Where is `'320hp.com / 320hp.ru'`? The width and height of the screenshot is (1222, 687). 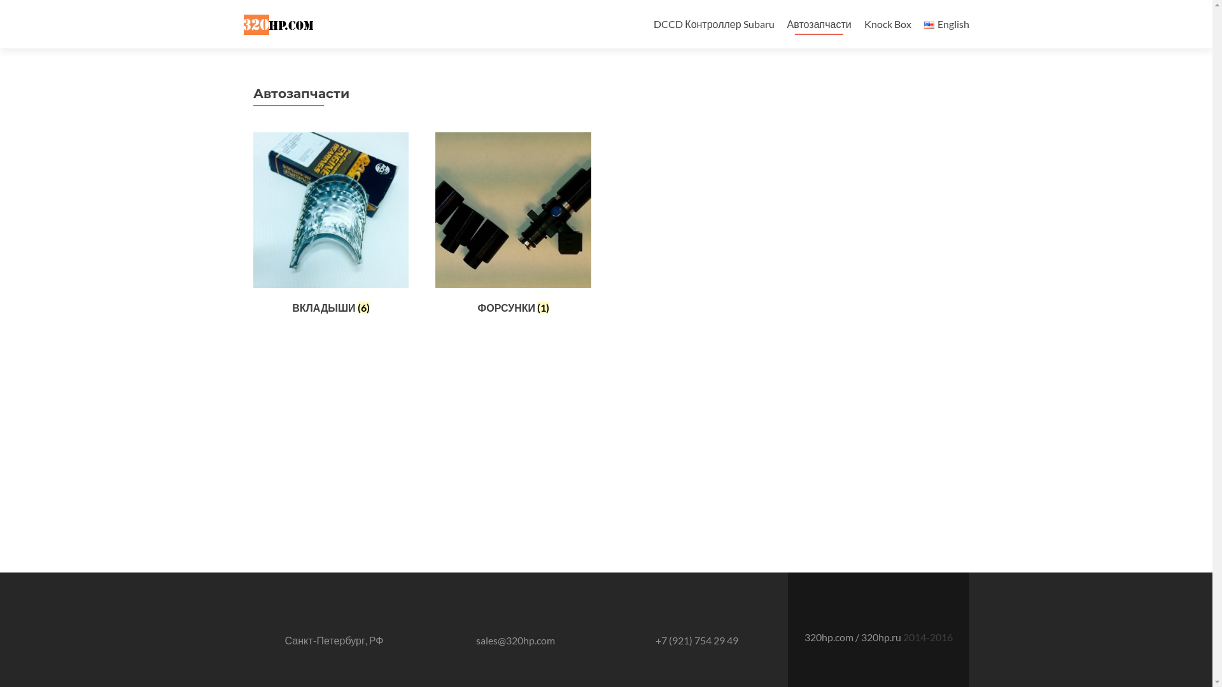 '320hp.com / 320hp.ru' is located at coordinates (803, 637).